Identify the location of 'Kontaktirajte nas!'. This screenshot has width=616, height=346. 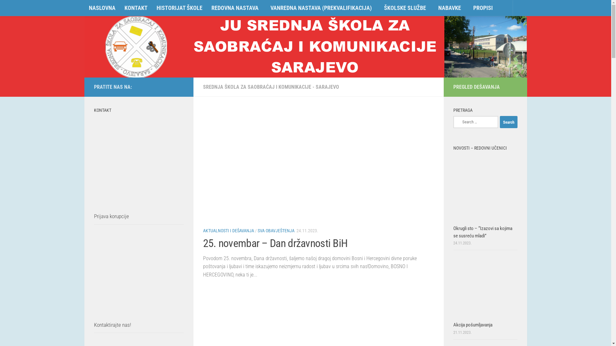
(112, 325).